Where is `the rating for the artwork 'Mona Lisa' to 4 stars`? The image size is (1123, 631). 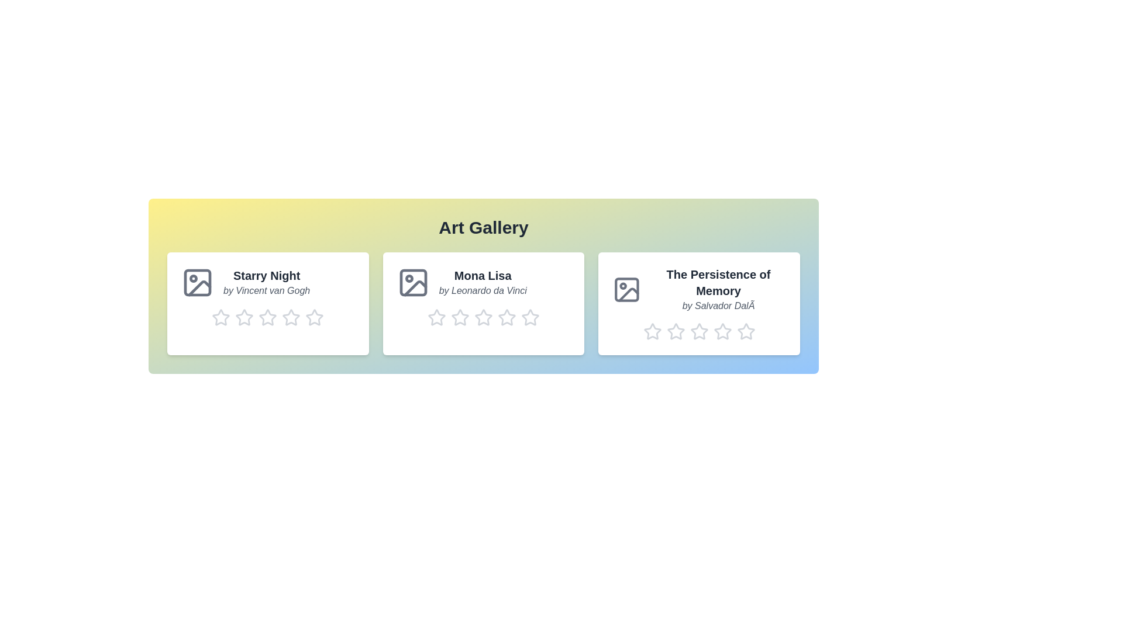
the rating for the artwork 'Mona Lisa' to 4 stars is located at coordinates (506, 317).